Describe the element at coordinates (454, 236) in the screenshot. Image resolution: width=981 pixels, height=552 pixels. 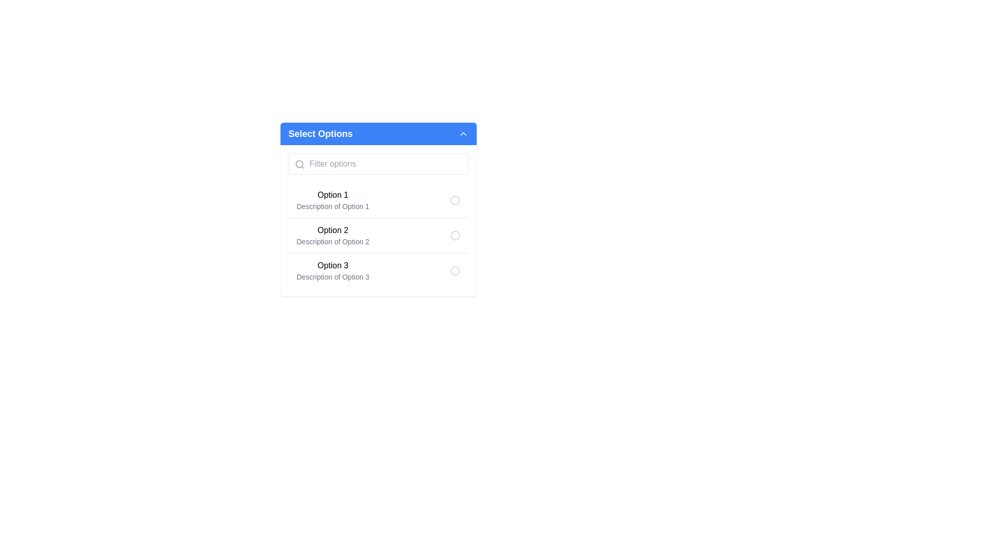
I see `the radio button indicator for 'Option 2' in the dropdown menu` at that location.